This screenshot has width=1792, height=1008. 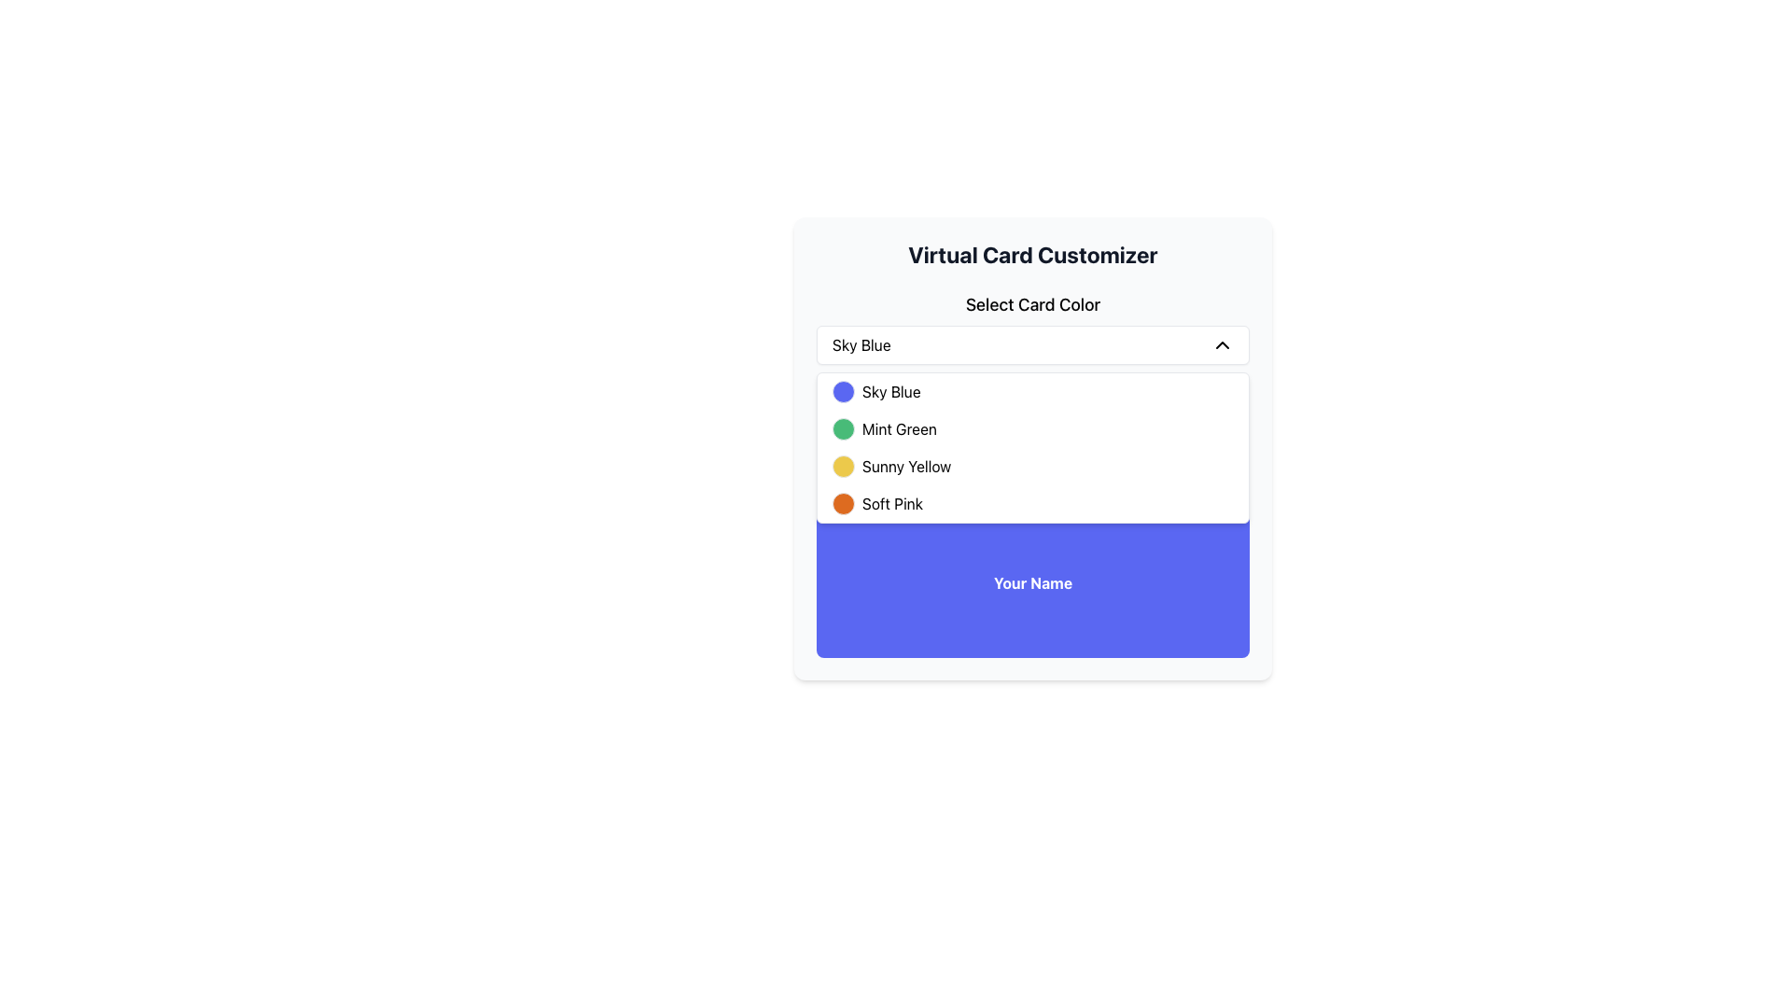 What do you see at coordinates (900, 428) in the screenshot?
I see `the 'Mint Green' text label in the dropdown menu` at bounding box center [900, 428].